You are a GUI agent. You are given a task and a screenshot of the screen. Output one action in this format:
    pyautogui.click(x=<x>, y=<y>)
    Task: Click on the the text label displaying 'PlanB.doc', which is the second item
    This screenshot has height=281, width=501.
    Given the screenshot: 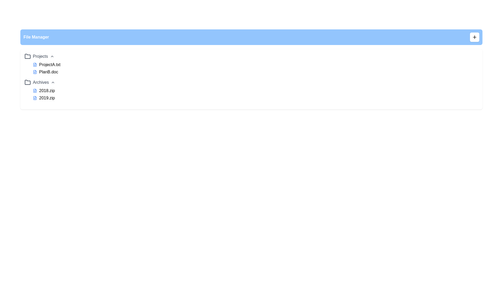 What is the action you would take?
    pyautogui.click(x=49, y=72)
    